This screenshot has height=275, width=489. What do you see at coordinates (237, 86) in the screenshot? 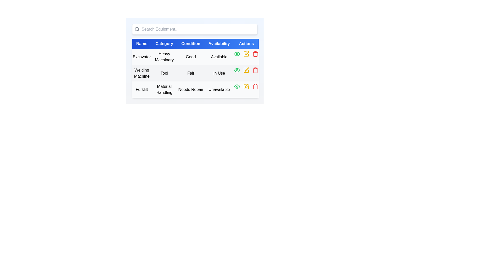
I see `the green eye icon button in the last row of the actions column related to 'Forklift'` at bounding box center [237, 86].